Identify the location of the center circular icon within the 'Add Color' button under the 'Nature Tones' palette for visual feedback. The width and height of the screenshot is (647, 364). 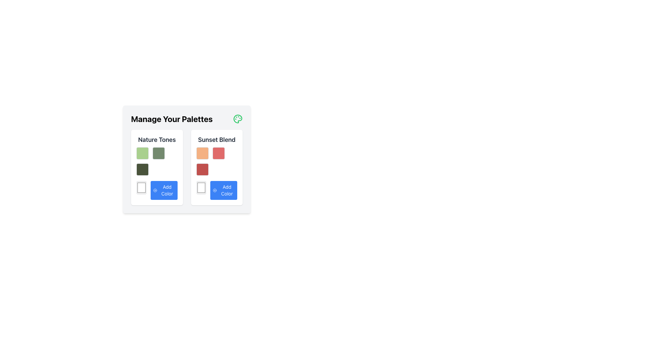
(155, 190).